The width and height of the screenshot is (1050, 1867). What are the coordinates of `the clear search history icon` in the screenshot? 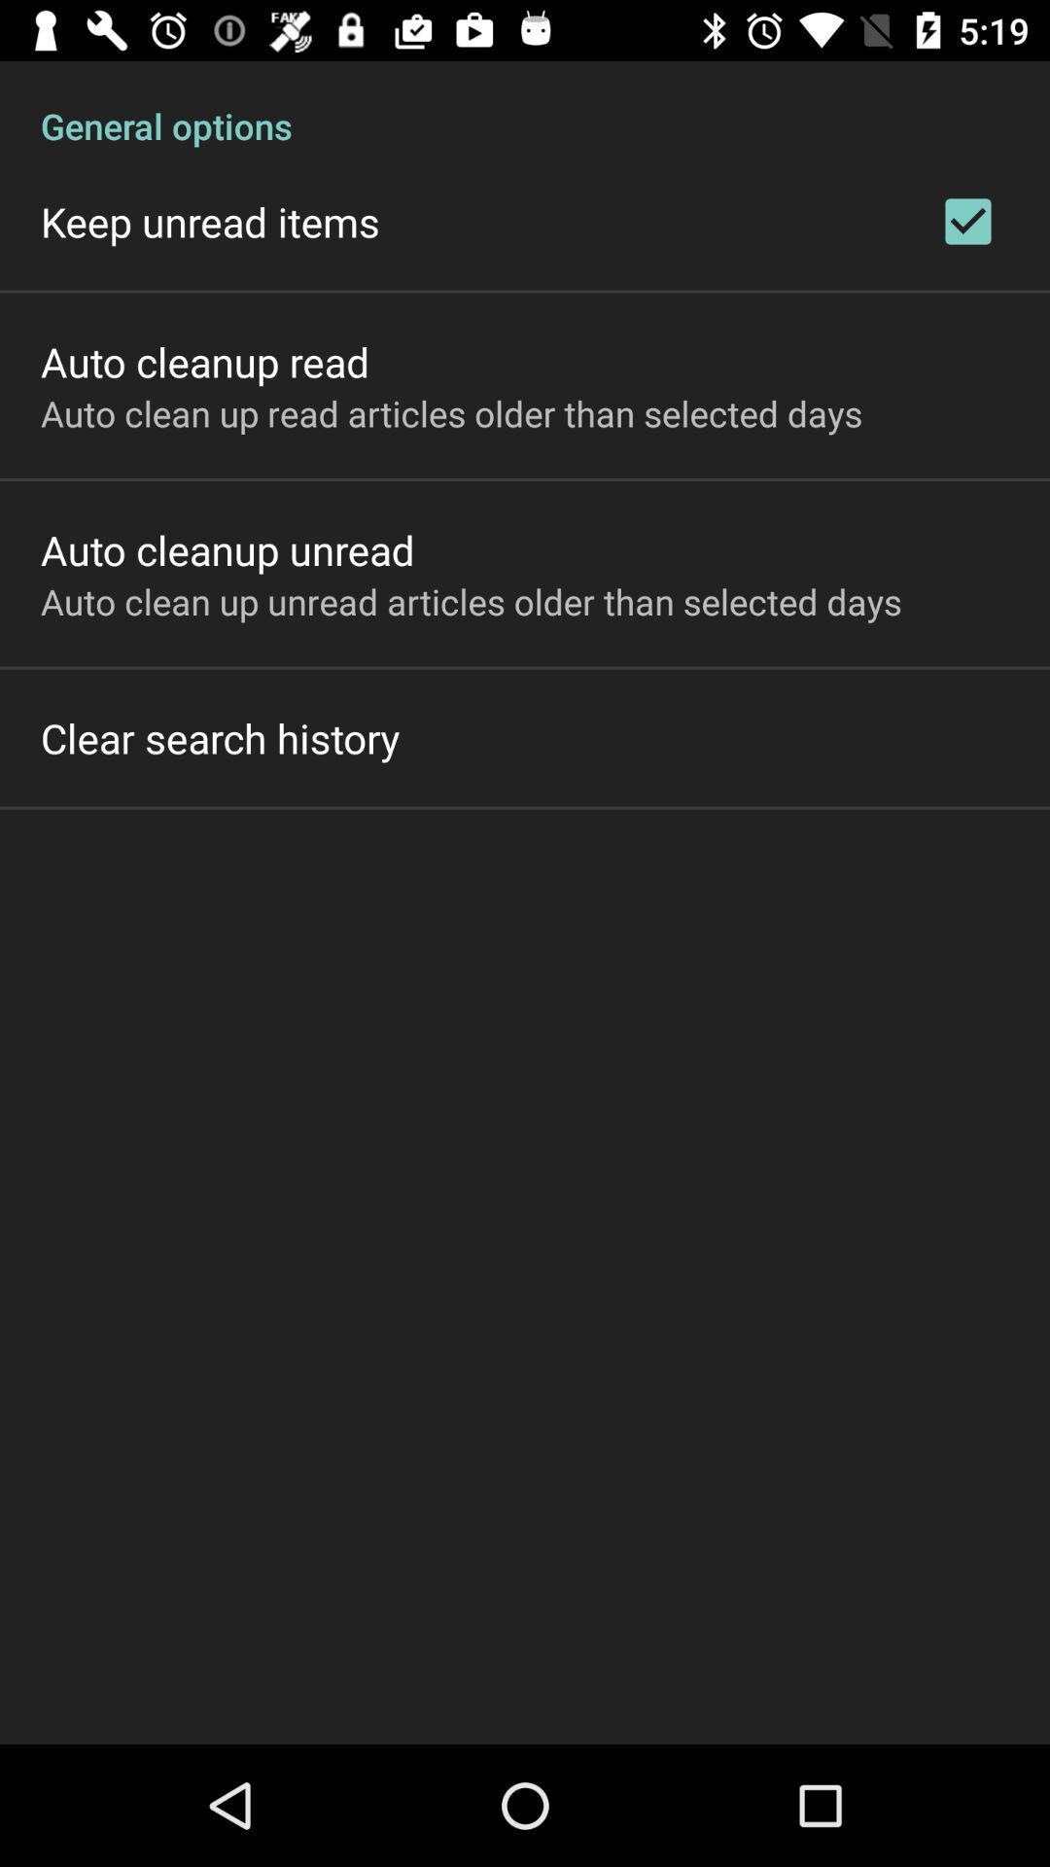 It's located at (219, 736).